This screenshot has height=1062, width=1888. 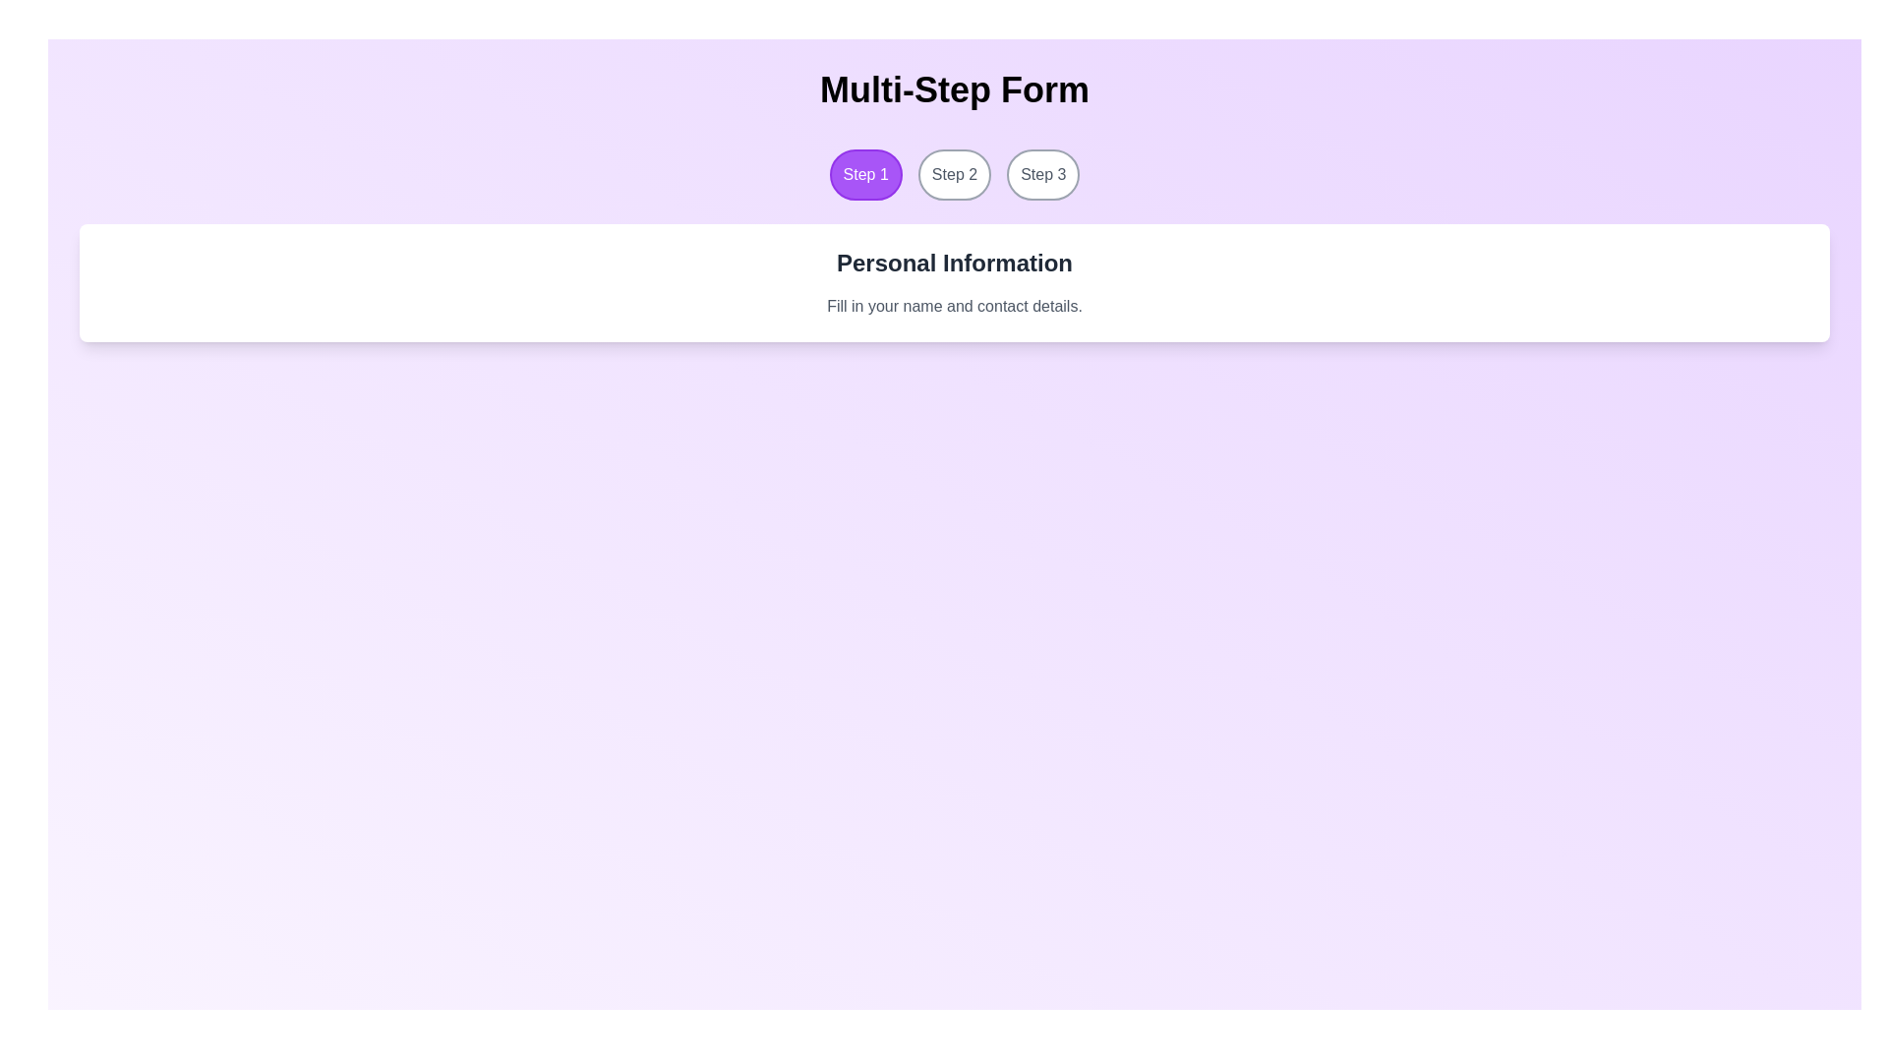 I want to click on the 'Step 2' button in the multi-step form, so click(x=954, y=173).